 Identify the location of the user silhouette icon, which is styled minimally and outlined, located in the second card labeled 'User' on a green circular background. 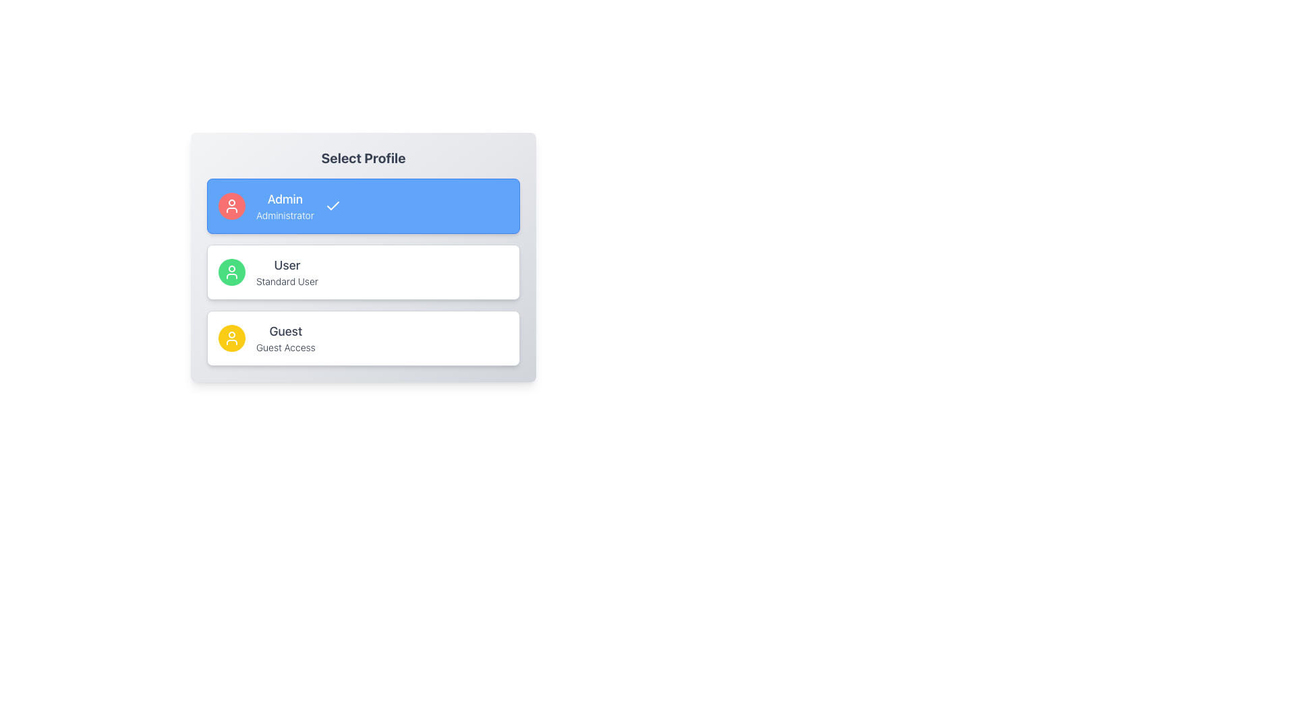
(232, 272).